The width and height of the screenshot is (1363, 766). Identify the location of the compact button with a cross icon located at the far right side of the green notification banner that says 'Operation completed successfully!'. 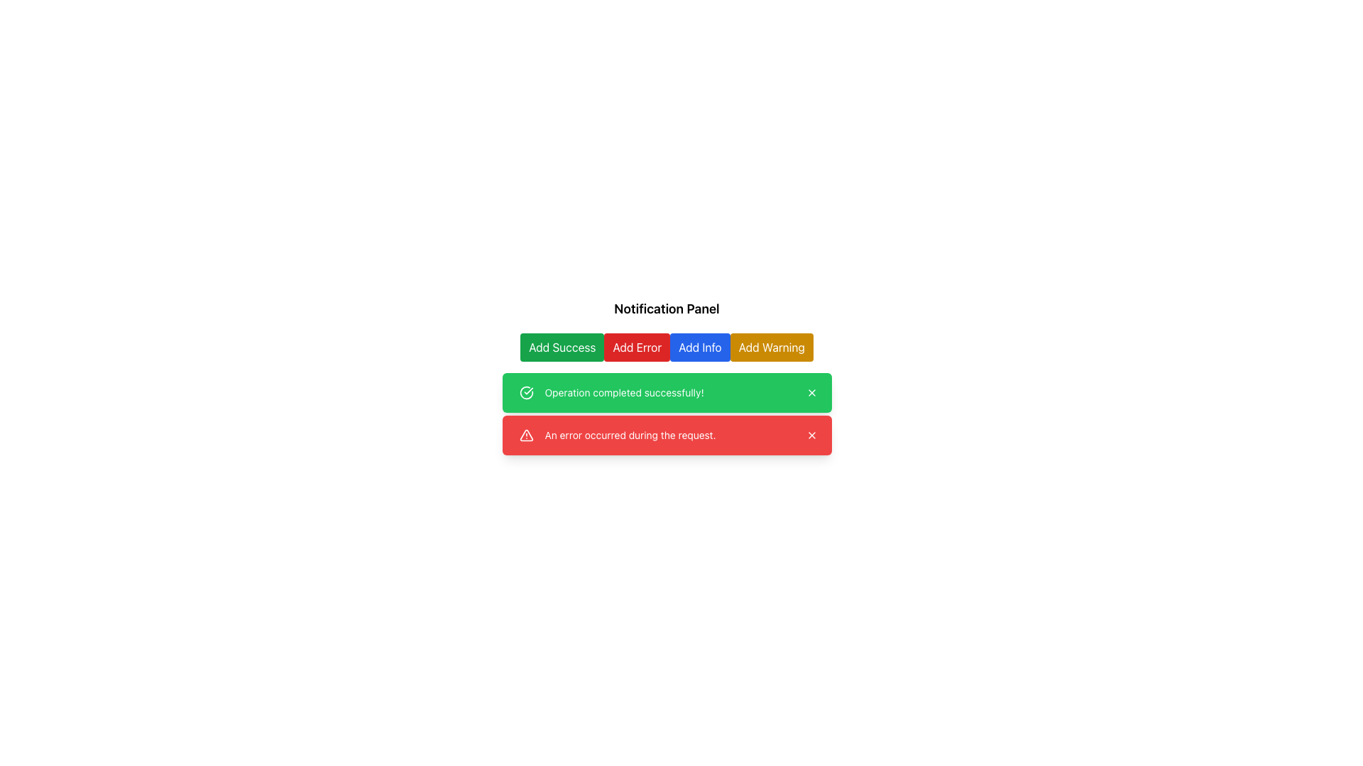
(811, 393).